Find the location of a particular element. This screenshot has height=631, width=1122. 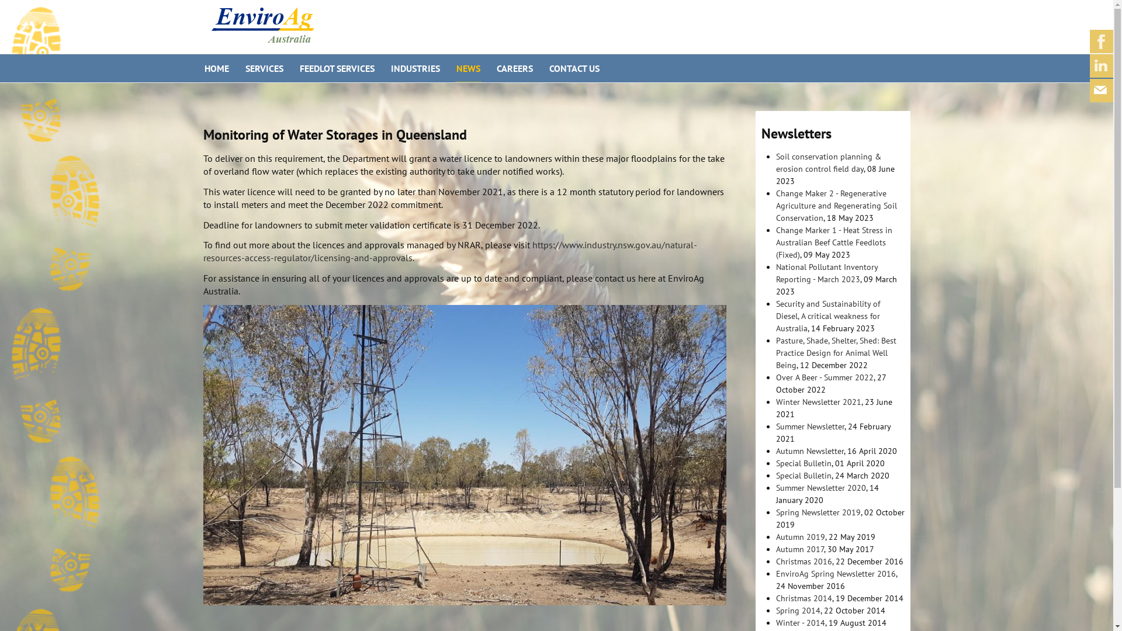

'CONTACT US' is located at coordinates (574, 68).